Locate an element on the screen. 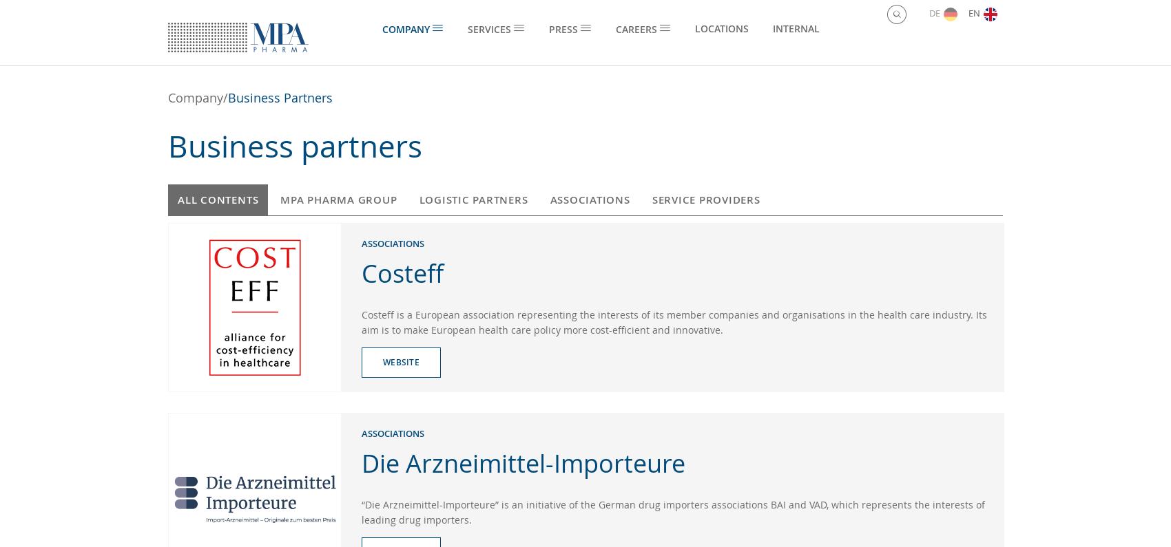 The width and height of the screenshot is (1171, 547). 'Press' is located at coordinates (562, 29).